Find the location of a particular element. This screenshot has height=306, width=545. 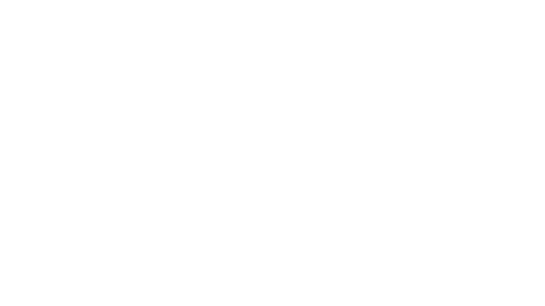

Close is located at coordinates (537, 7).